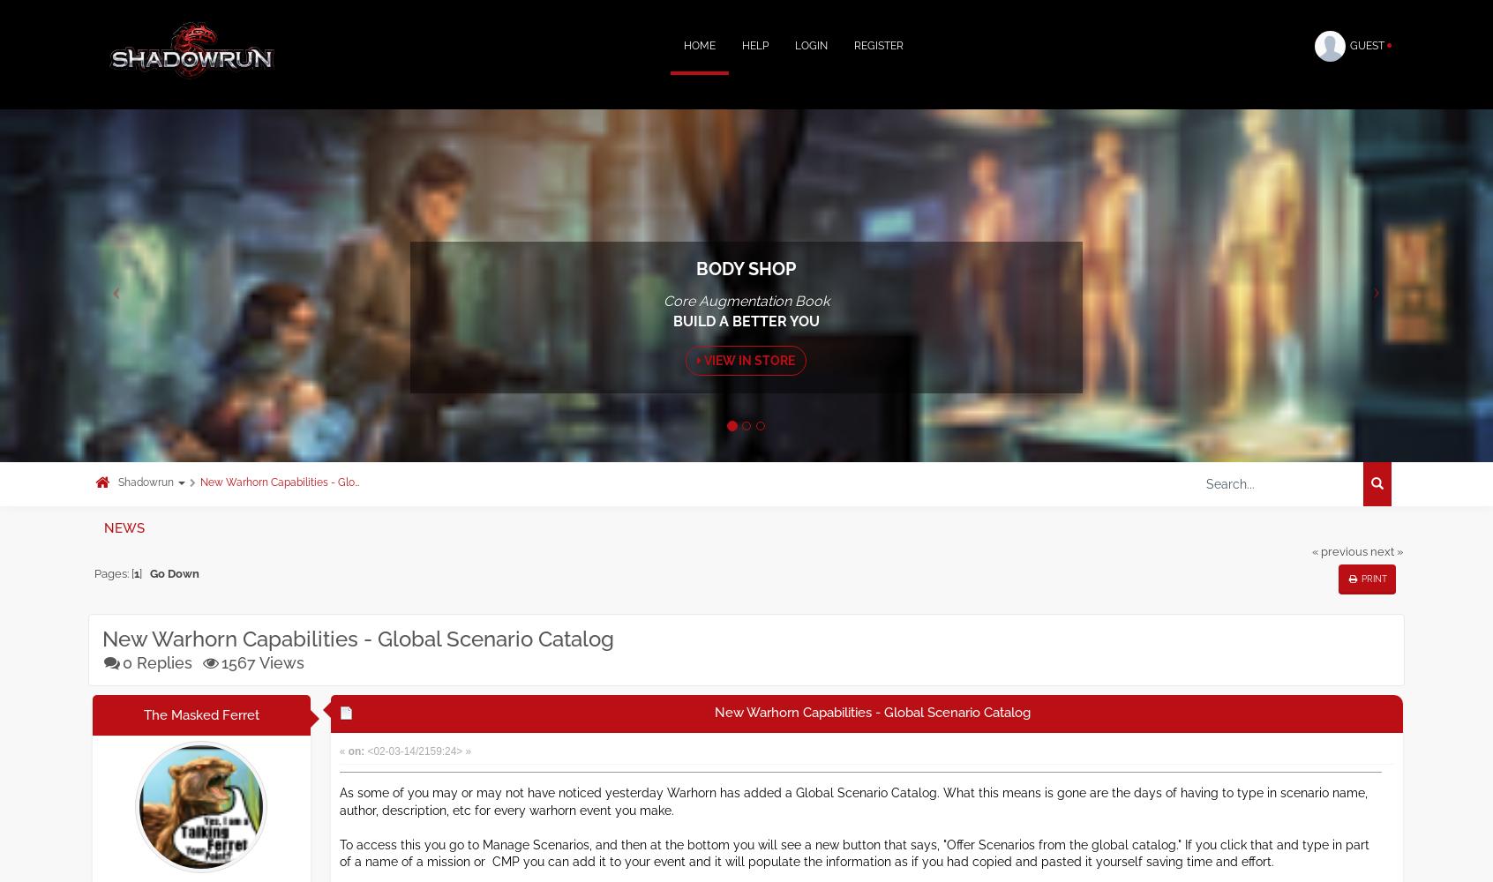  What do you see at coordinates (745, 300) in the screenshot?
I see `'Core Augmentation Book'` at bounding box center [745, 300].